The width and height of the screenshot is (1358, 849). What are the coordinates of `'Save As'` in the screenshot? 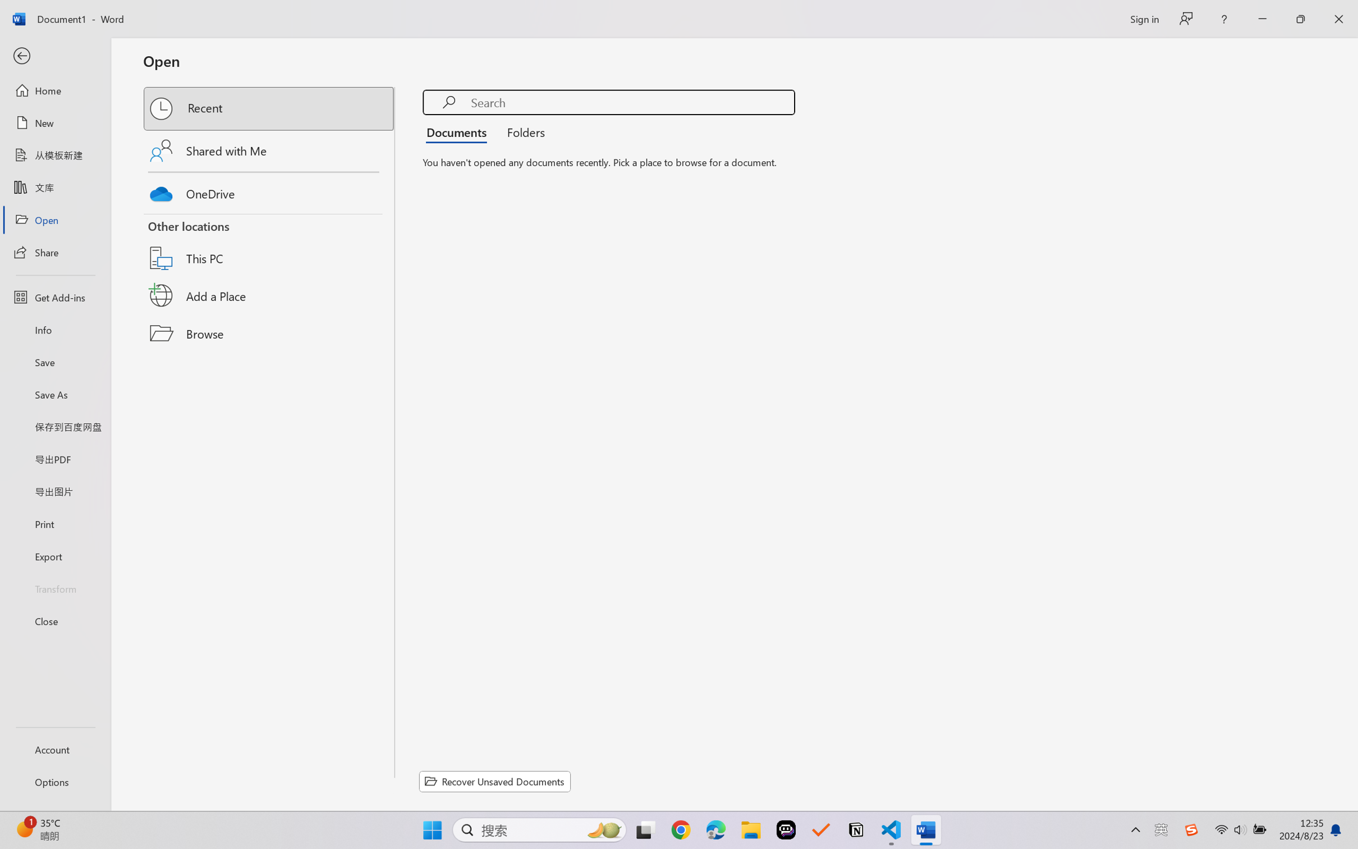 It's located at (54, 394).